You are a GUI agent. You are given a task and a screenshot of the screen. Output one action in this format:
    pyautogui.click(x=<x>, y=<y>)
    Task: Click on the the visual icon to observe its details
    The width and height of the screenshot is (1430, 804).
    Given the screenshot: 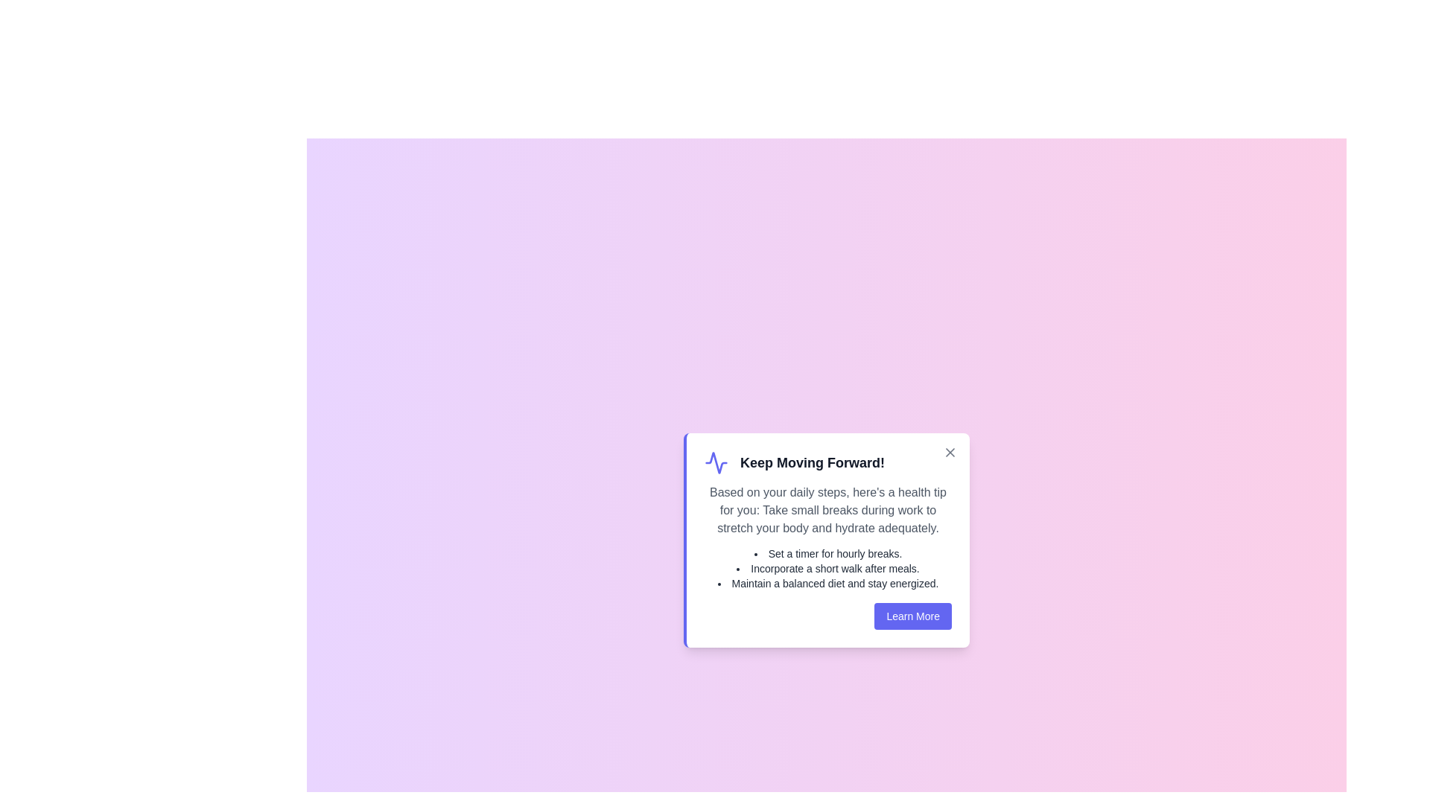 What is the action you would take?
    pyautogui.click(x=716, y=462)
    